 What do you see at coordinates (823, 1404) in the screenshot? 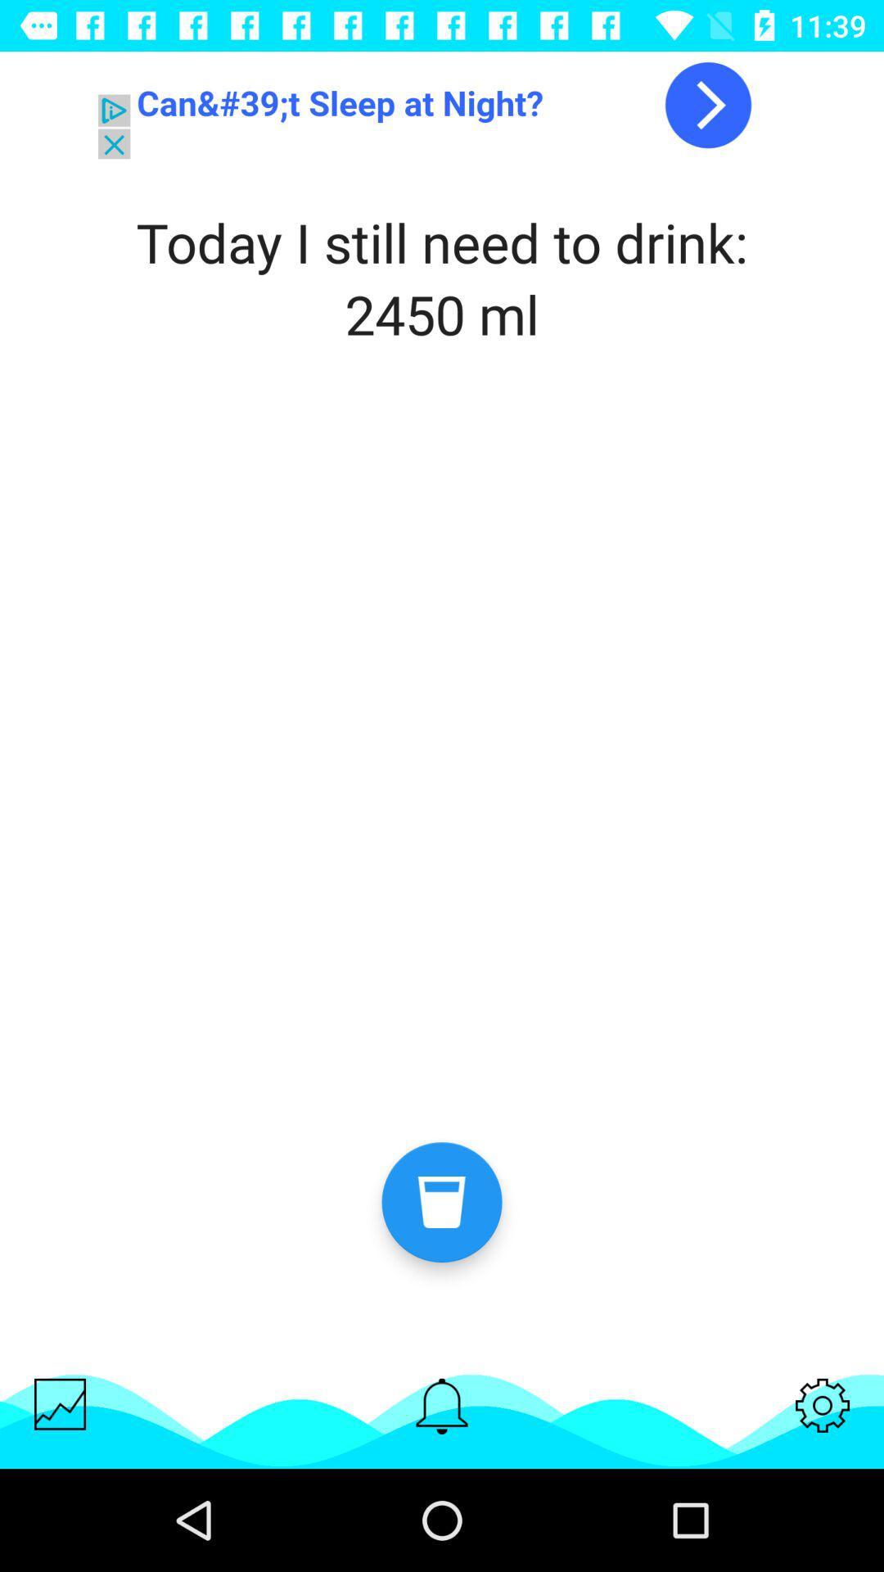
I see `setting app` at bounding box center [823, 1404].